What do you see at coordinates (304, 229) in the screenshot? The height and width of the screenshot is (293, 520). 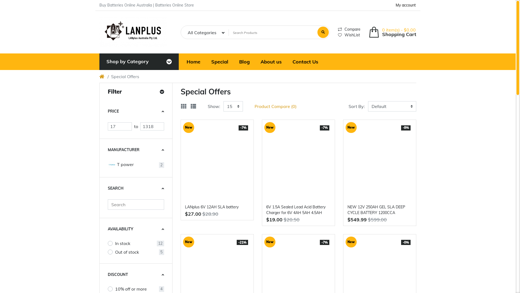 I see `'Quick view'` at bounding box center [304, 229].